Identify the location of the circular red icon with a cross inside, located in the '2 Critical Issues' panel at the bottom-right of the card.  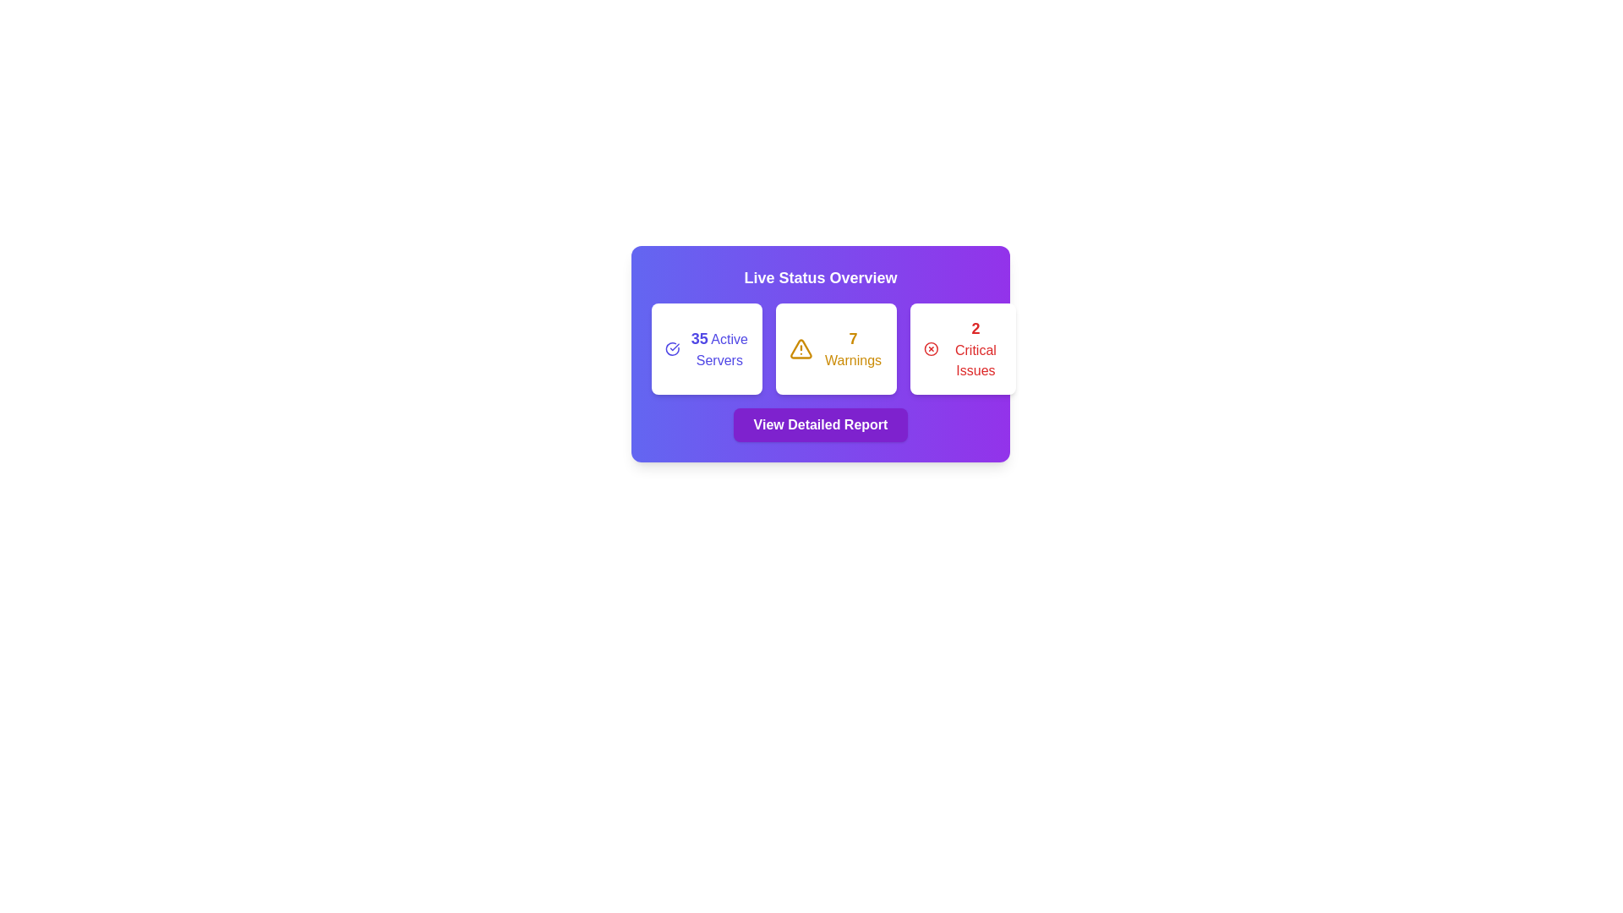
(930, 347).